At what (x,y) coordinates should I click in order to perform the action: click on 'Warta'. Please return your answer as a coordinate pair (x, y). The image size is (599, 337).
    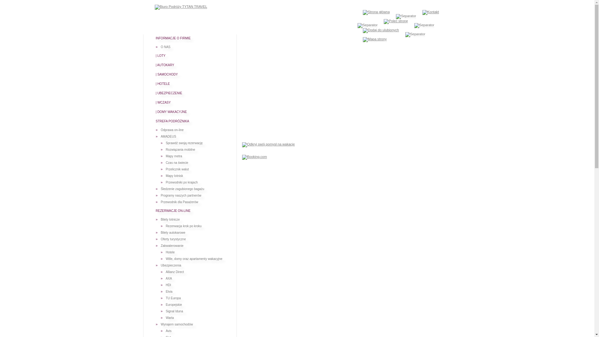
    Looking at the image, I should click on (169, 318).